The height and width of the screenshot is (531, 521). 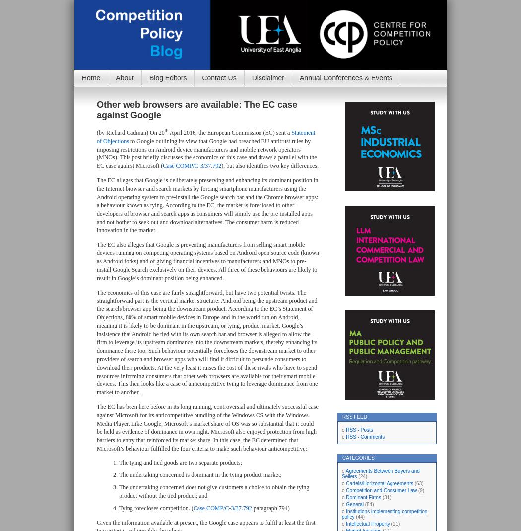 I want to click on 'The EC also alleges that Google is preventing manufacturers from selling smart mobile devices running on competing operating systems based on Android open source code (known as Android forks) and of giving financial incentives to manufacturers and MNOs to pre-install Google Search exclusively on their devices. All three of these behaviours are likely to result in Google’s dominant position being enhanced.', so click(x=96, y=260).